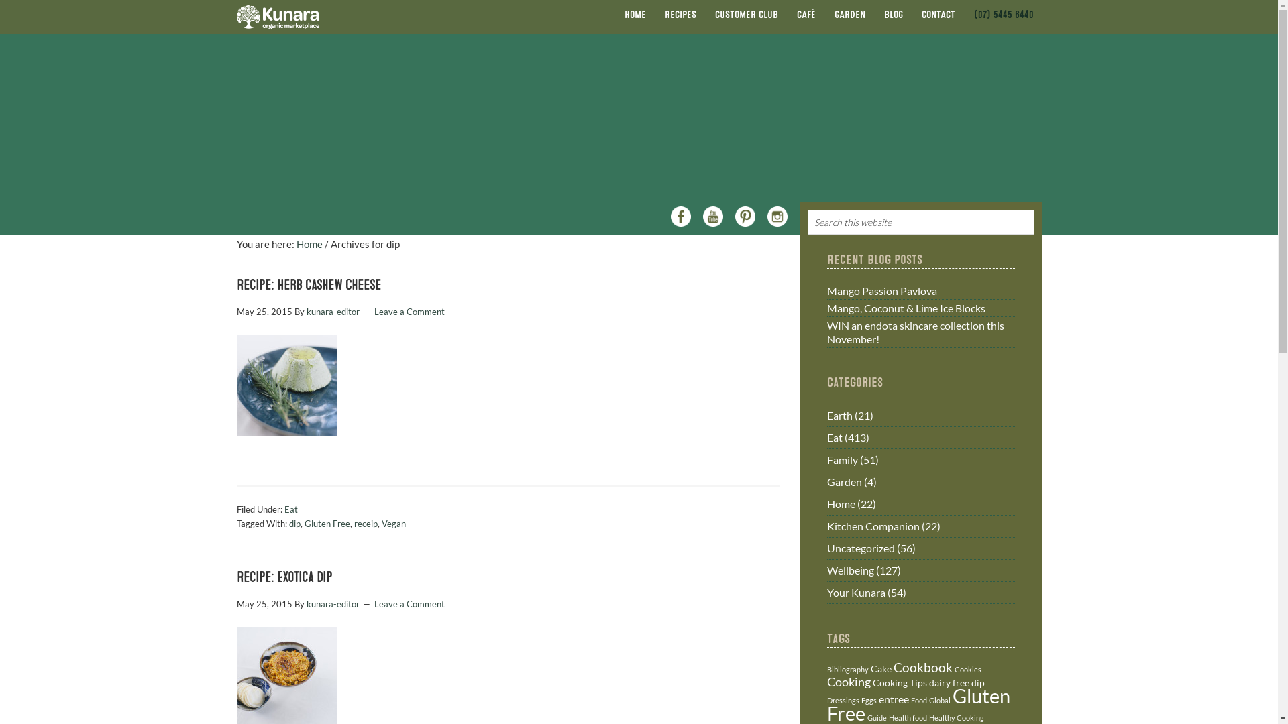 The height and width of the screenshot is (724, 1288). I want to click on 'dip', so click(978, 682).